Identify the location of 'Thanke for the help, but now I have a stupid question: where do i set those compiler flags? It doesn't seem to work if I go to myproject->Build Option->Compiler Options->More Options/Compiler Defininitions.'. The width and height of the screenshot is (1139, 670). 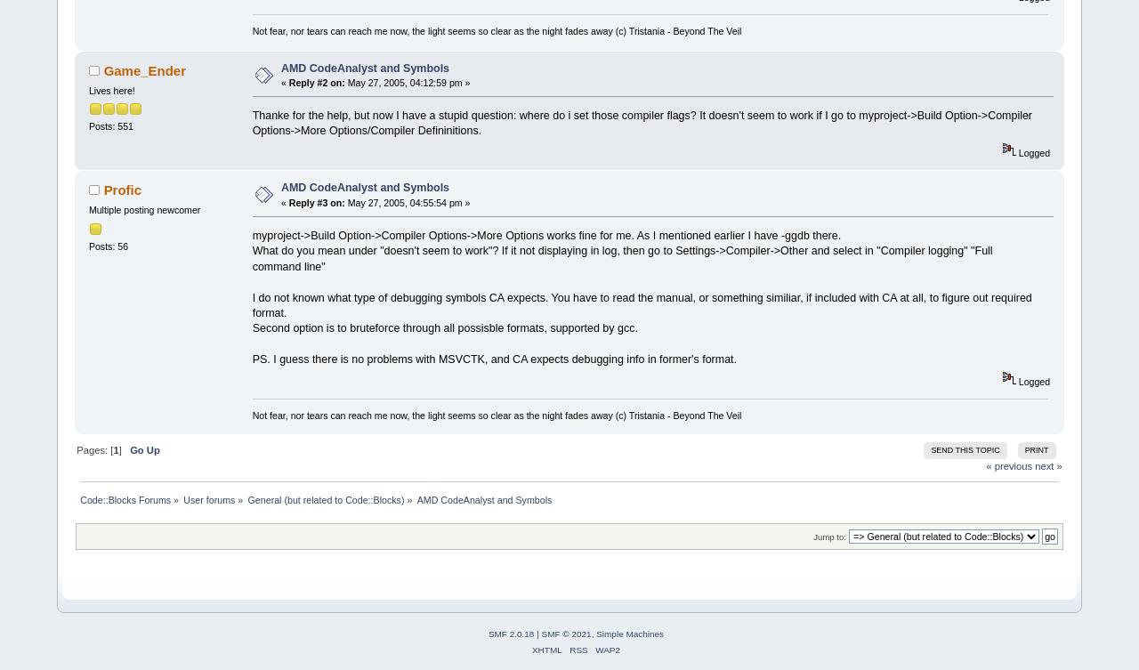
(251, 122).